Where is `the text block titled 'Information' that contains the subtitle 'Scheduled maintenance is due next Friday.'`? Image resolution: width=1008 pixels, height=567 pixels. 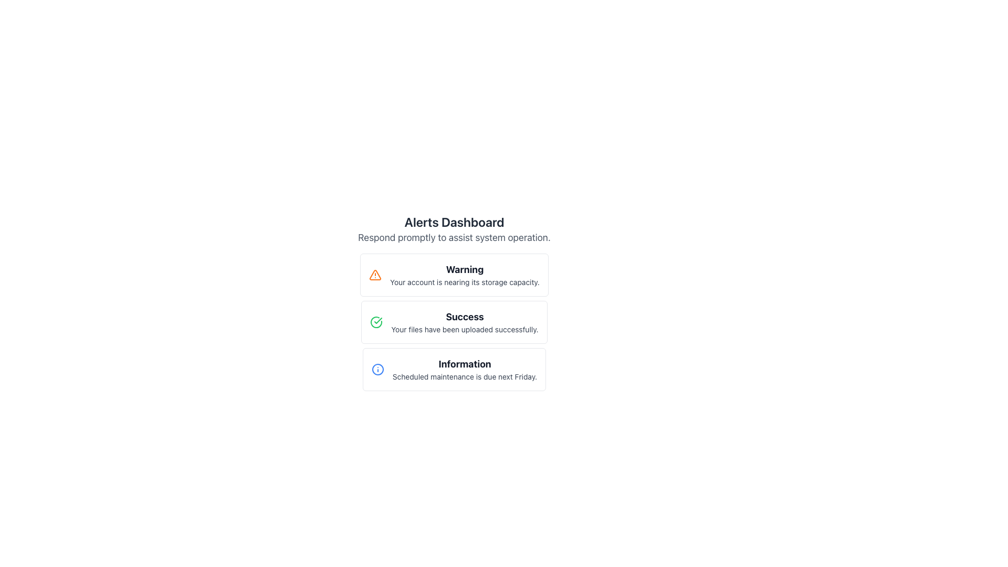 the text block titled 'Information' that contains the subtitle 'Scheduled maintenance is due next Friday.' is located at coordinates (464, 369).